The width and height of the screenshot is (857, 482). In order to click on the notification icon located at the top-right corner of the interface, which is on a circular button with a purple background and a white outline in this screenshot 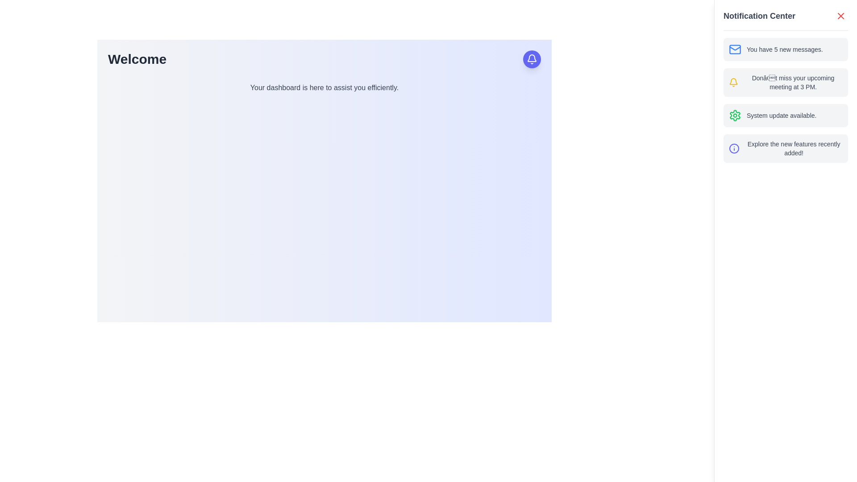, I will do `click(532, 59)`.